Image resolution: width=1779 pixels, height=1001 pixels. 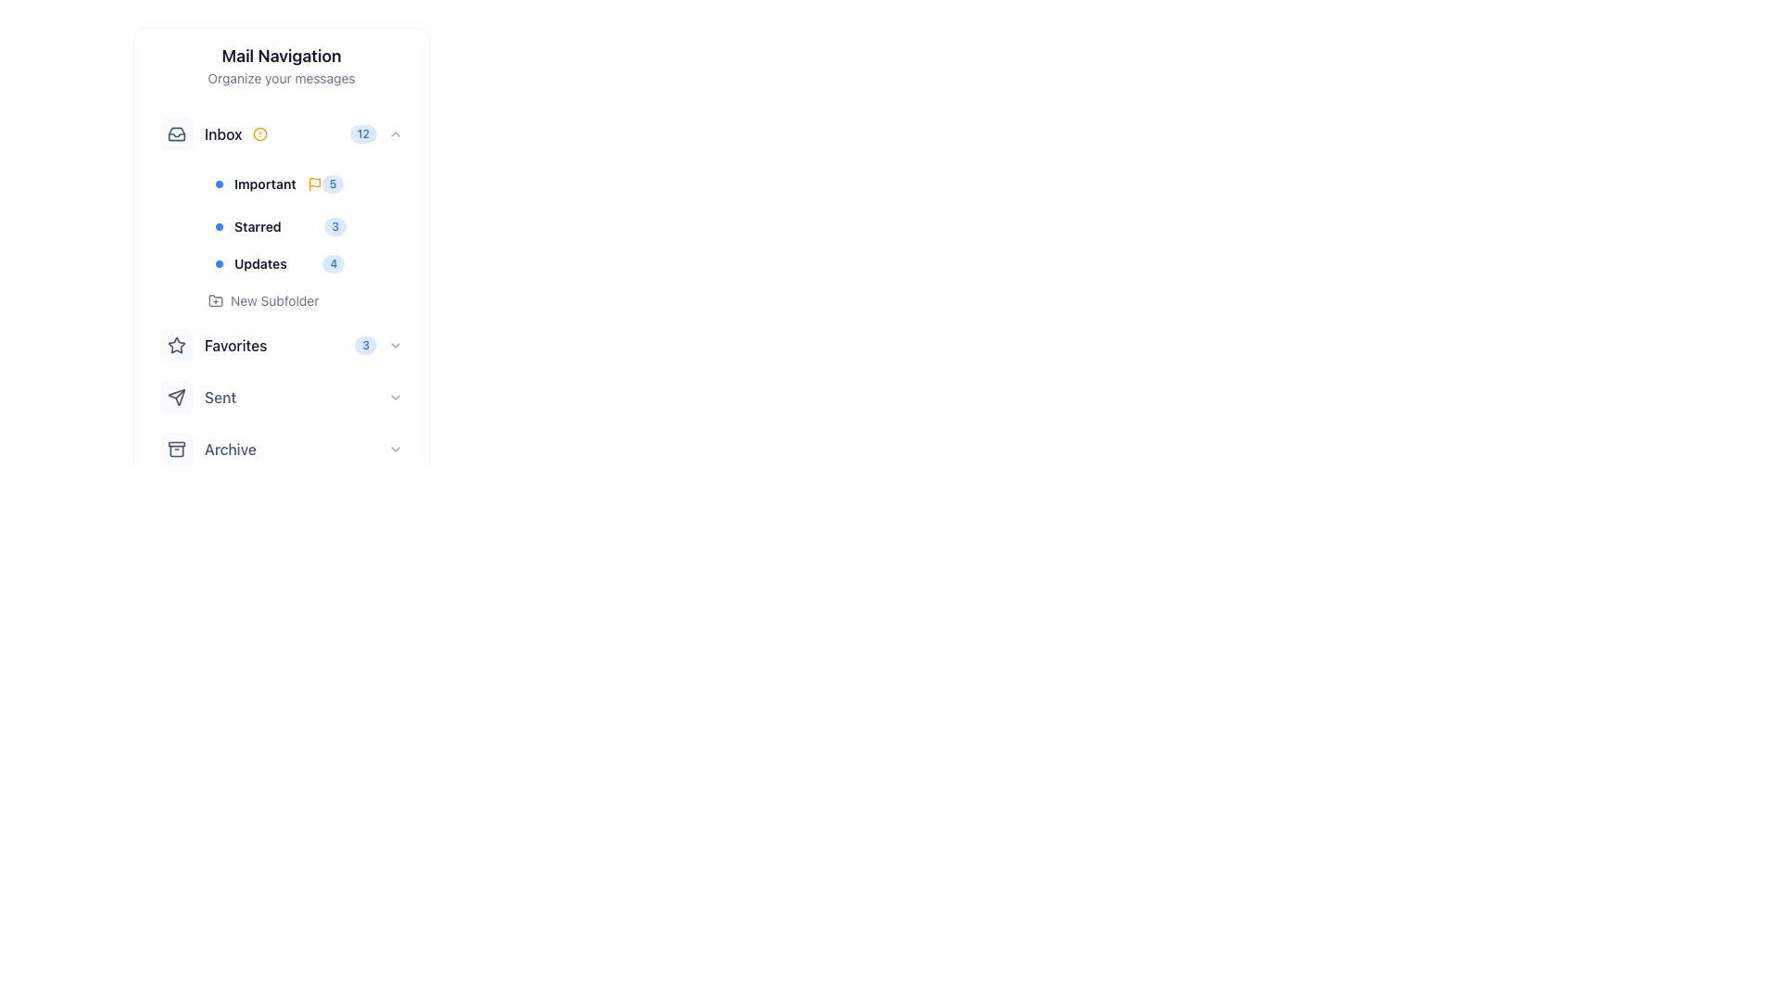 I want to click on the 'Favorites' text label in the sidebar menu, which serves as a label for the navigation category and is positioned to the right of a star icon, so click(x=234, y=346).